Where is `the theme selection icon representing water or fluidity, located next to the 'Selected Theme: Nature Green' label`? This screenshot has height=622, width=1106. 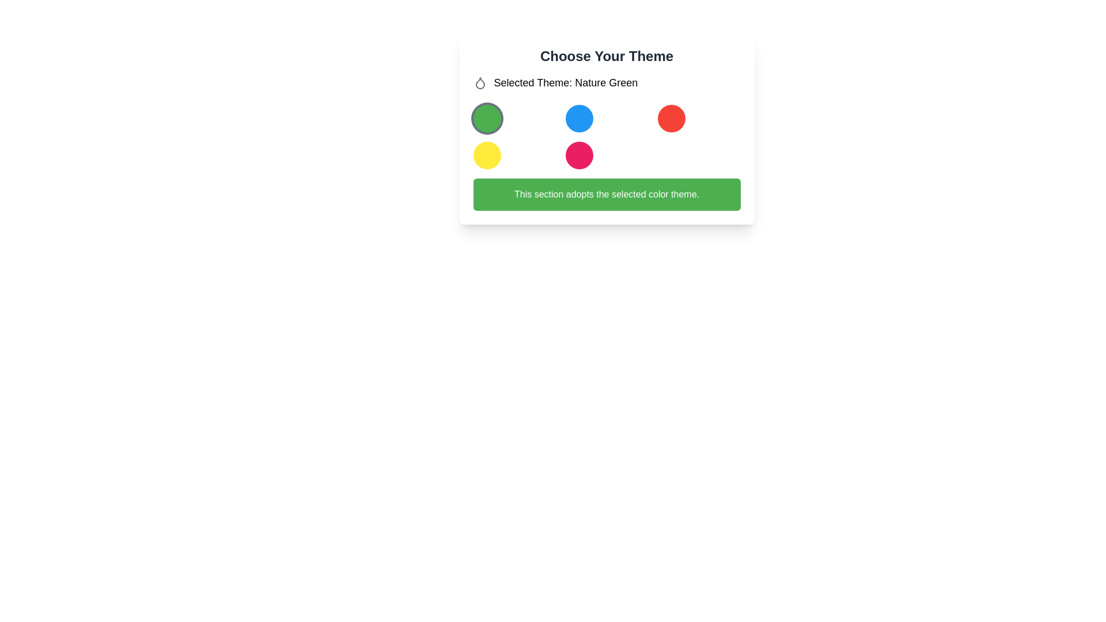 the theme selection icon representing water or fluidity, located next to the 'Selected Theme: Nature Green' label is located at coordinates (480, 82).